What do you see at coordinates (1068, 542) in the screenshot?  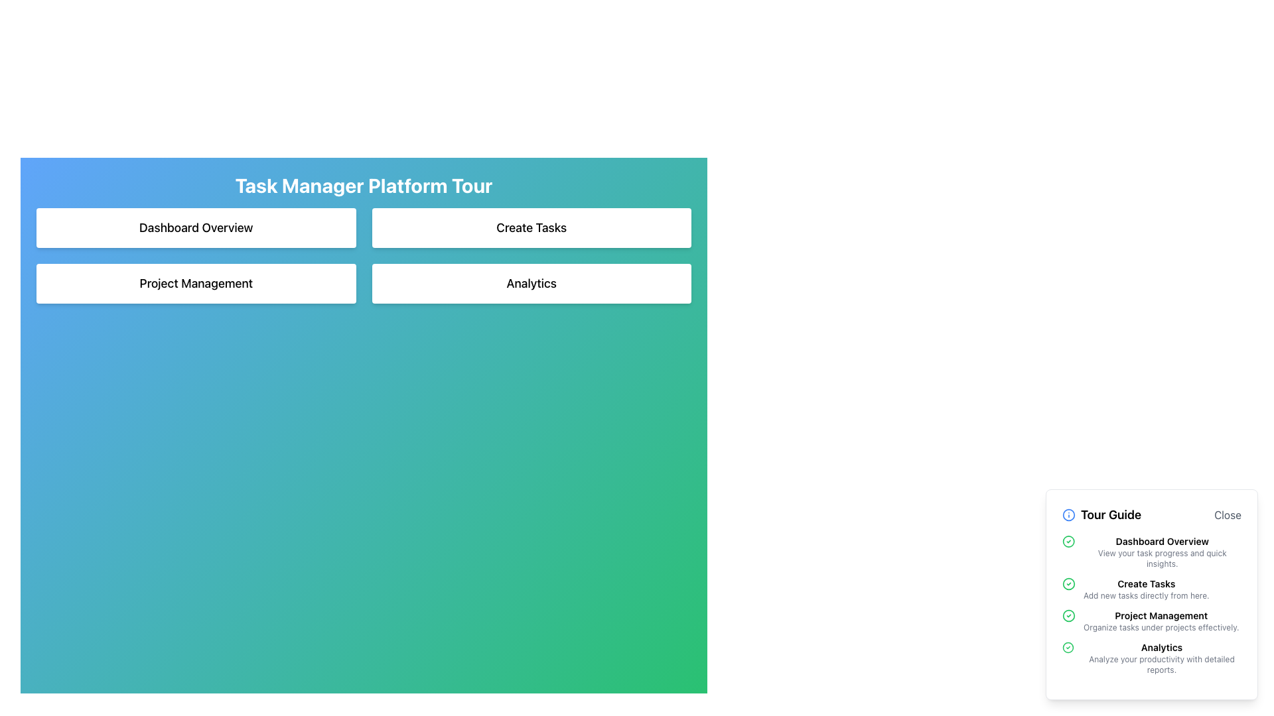 I see `the confirmation icon located in the 'Tour Guide' section, adjacent to the 'Dashboard Overview' text, indicating completion or acknowledgment` at bounding box center [1068, 542].